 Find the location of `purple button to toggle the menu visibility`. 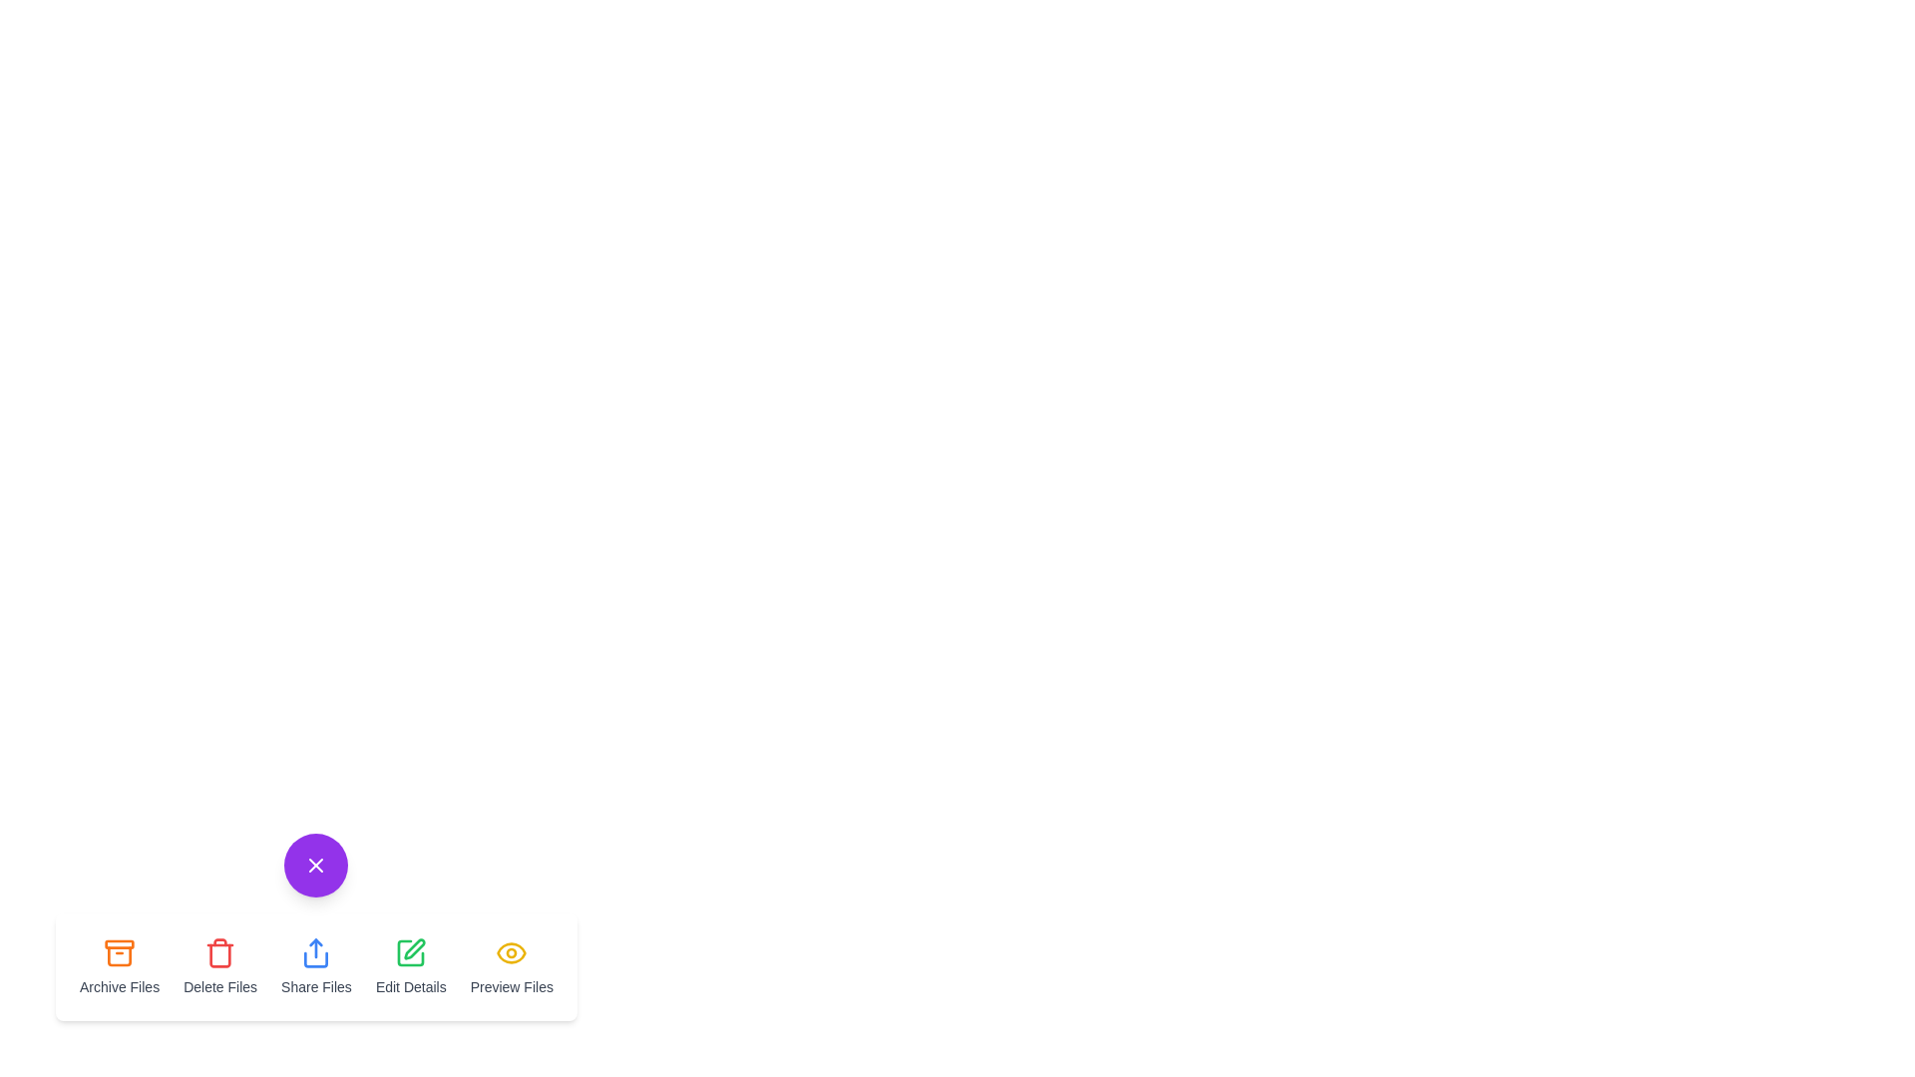

purple button to toggle the menu visibility is located at coordinates (315, 864).